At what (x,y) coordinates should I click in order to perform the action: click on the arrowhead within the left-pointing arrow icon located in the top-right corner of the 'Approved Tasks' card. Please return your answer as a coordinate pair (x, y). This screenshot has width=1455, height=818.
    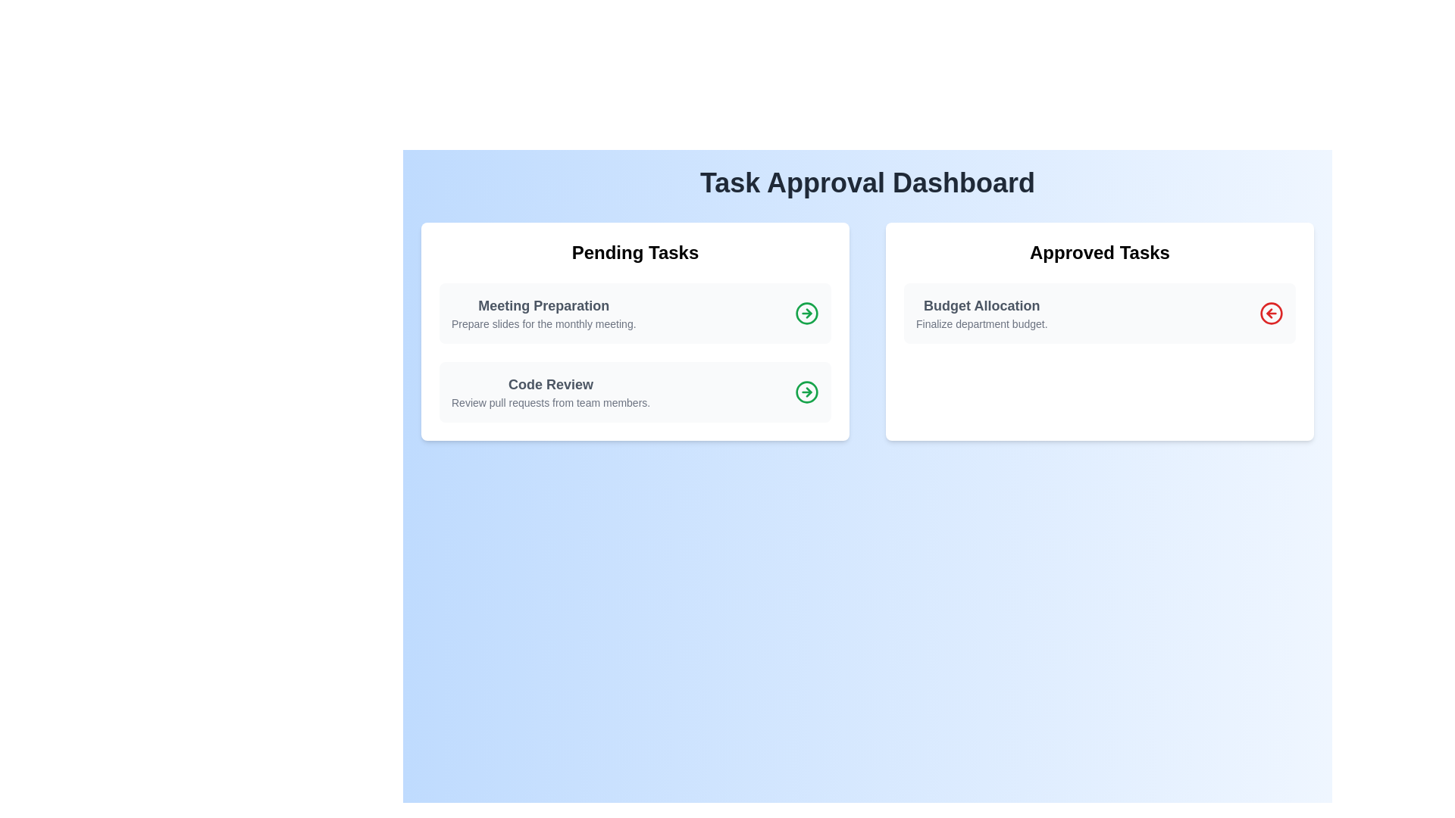
    Looking at the image, I should click on (1269, 312).